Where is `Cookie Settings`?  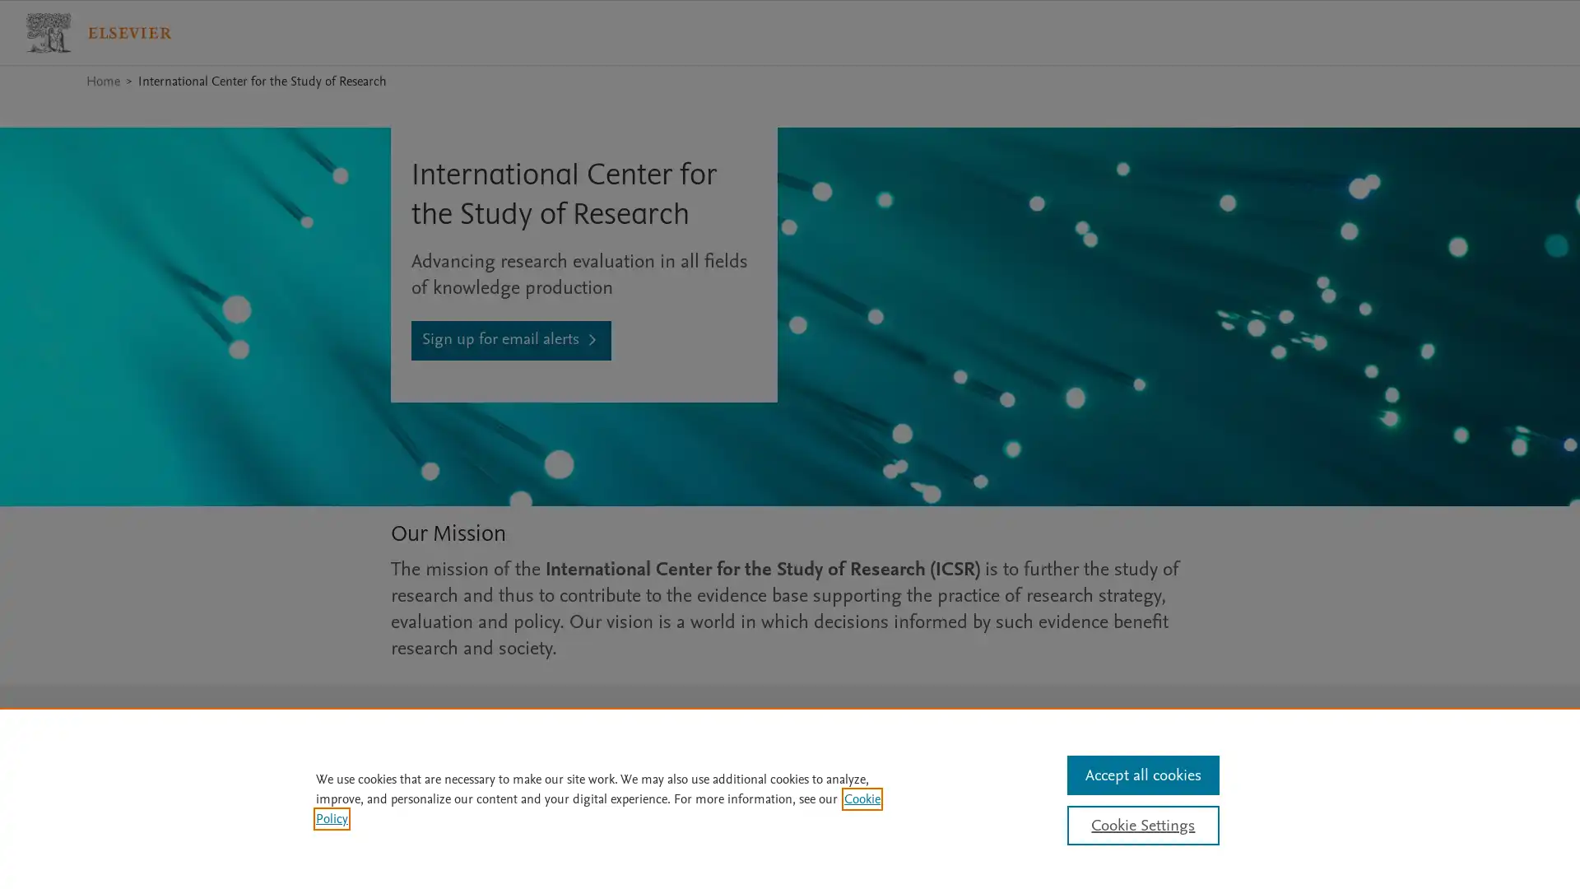
Cookie Settings is located at coordinates (1141, 825).